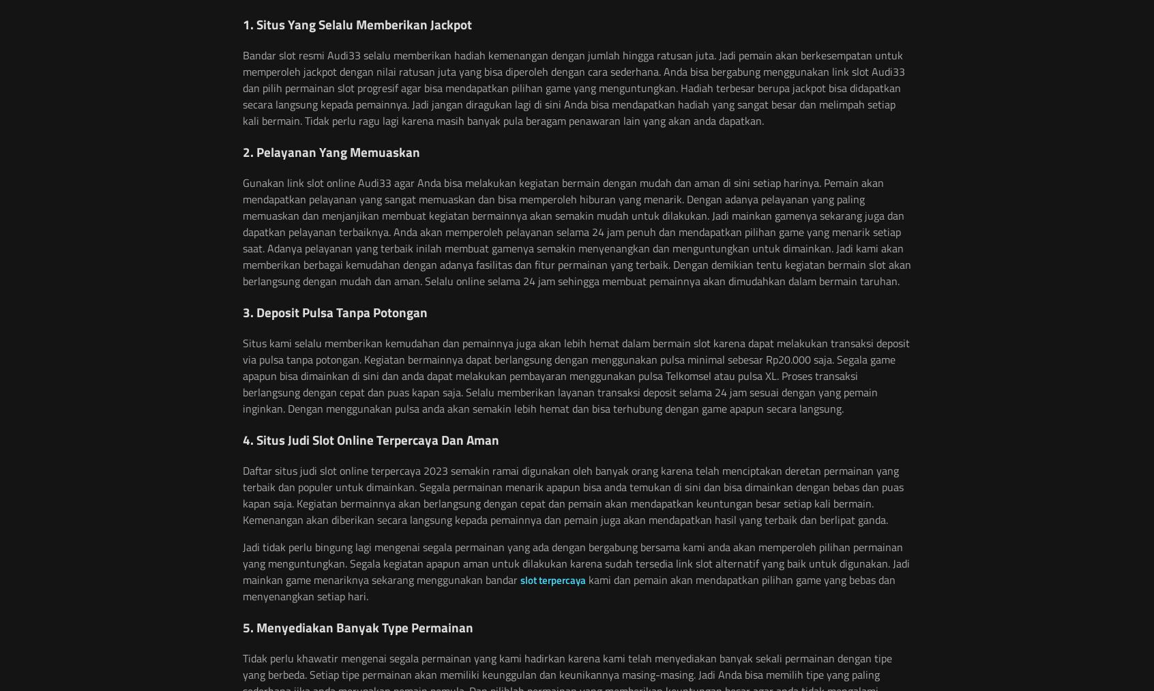 This screenshot has width=1154, height=691. What do you see at coordinates (357, 23) in the screenshot?
I see `'1. Situs Yang Selalu Memberikan Jackpot'` at bounding box center [357, 23].